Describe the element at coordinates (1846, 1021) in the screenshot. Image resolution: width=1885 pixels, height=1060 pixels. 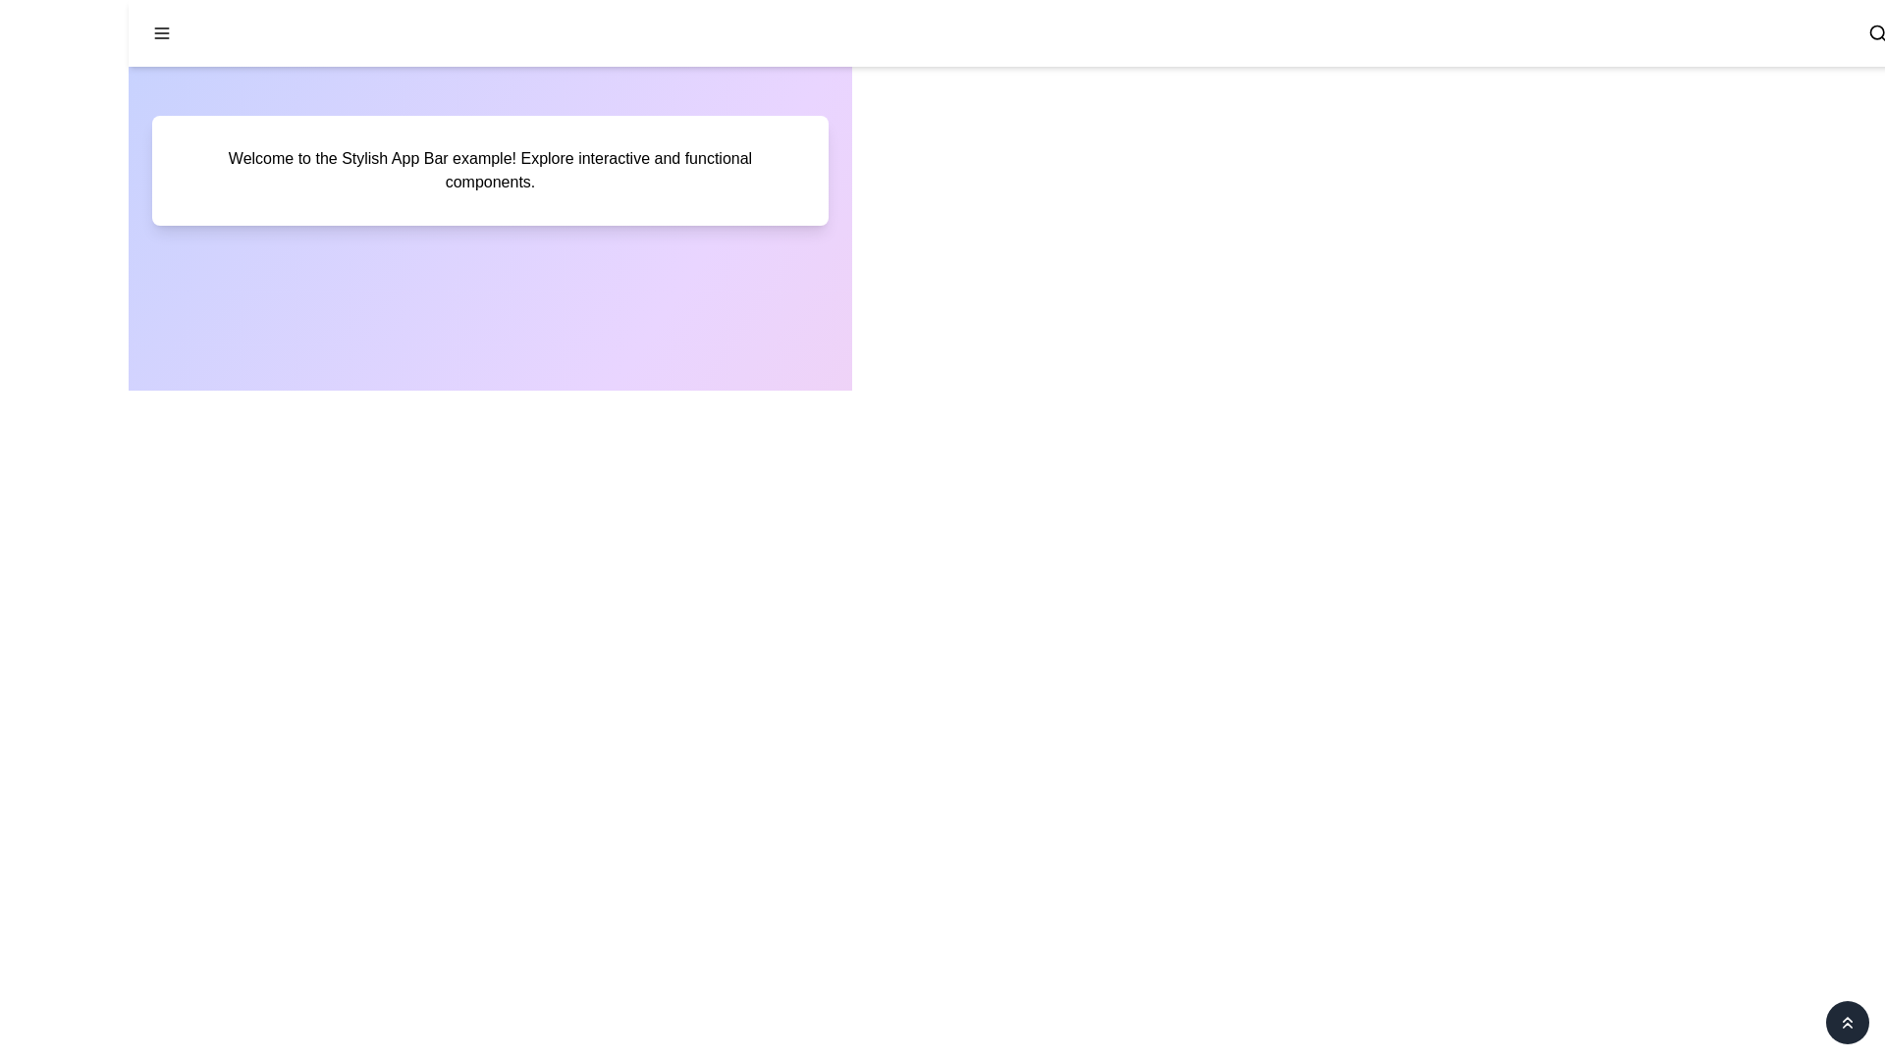
I see `chevron button located at the bottom-right corner of the screen to scroll to the top` at that location.